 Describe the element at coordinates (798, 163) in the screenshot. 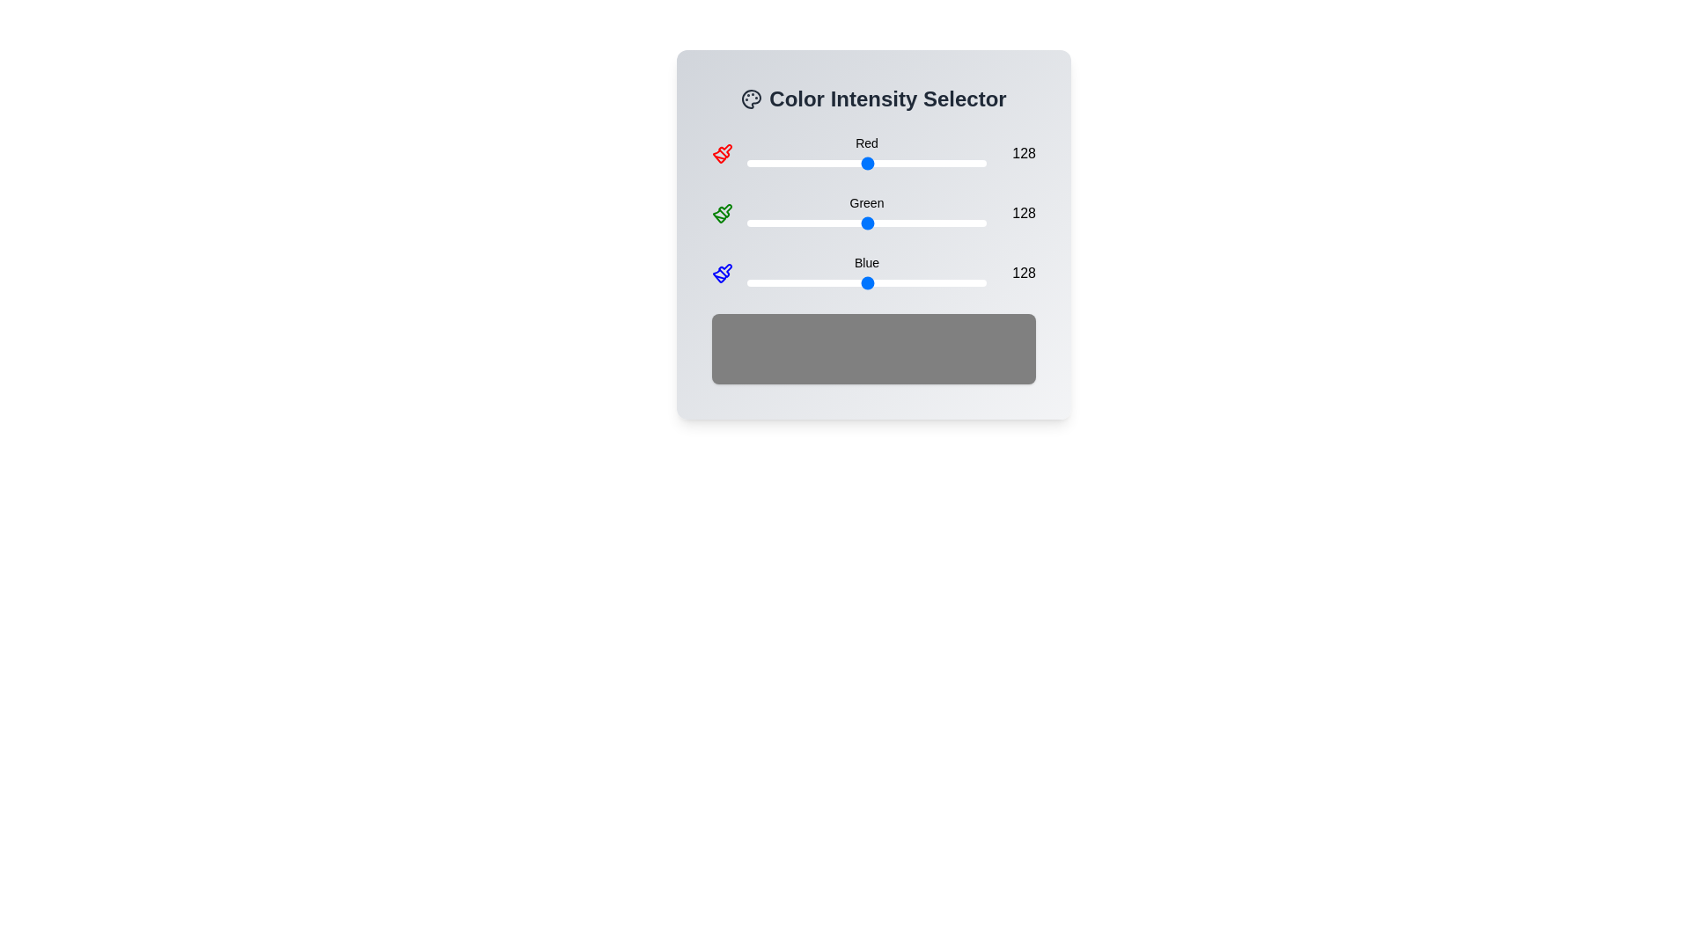

I see `the red intensity` at that location.